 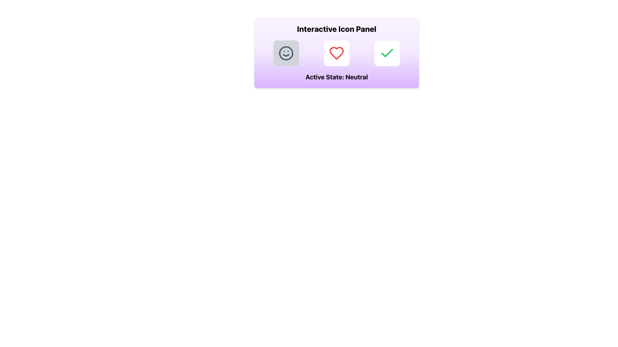 What do you see at coordinates (387, 53) in the screenshot?
I see `the button with a green checkmark on a white background to confirm the selection` at bounding box center [387, 53].